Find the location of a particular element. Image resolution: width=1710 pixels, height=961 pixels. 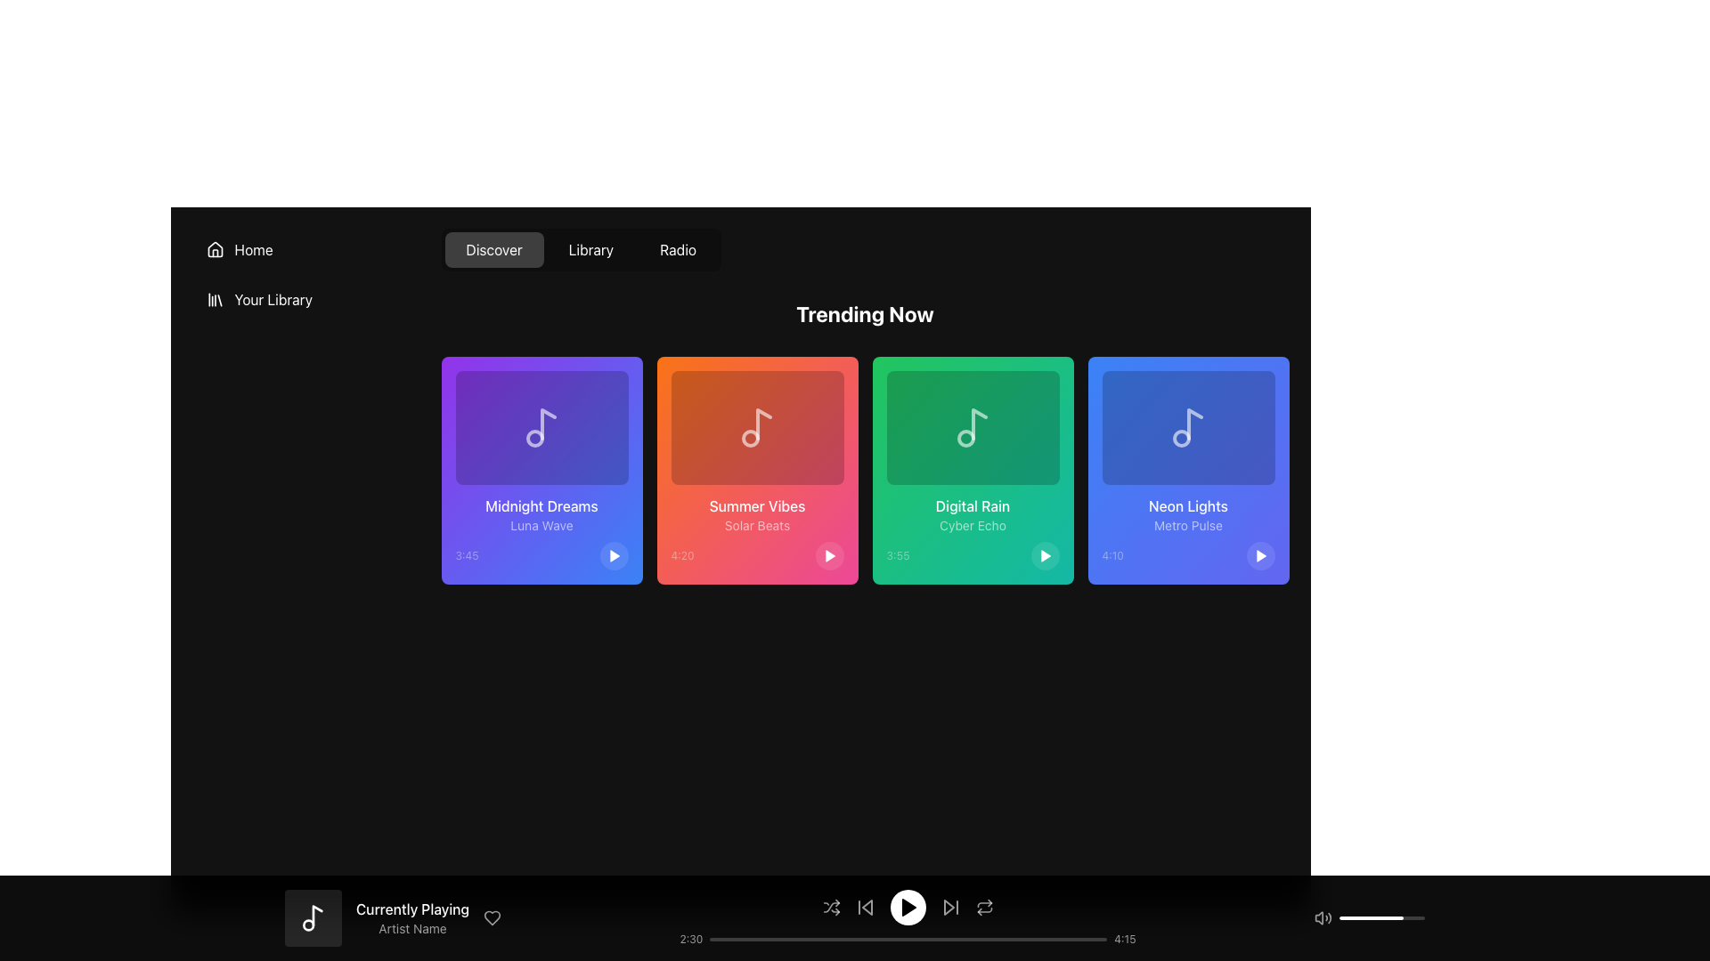

playback position is located at coordinates (921, 939).